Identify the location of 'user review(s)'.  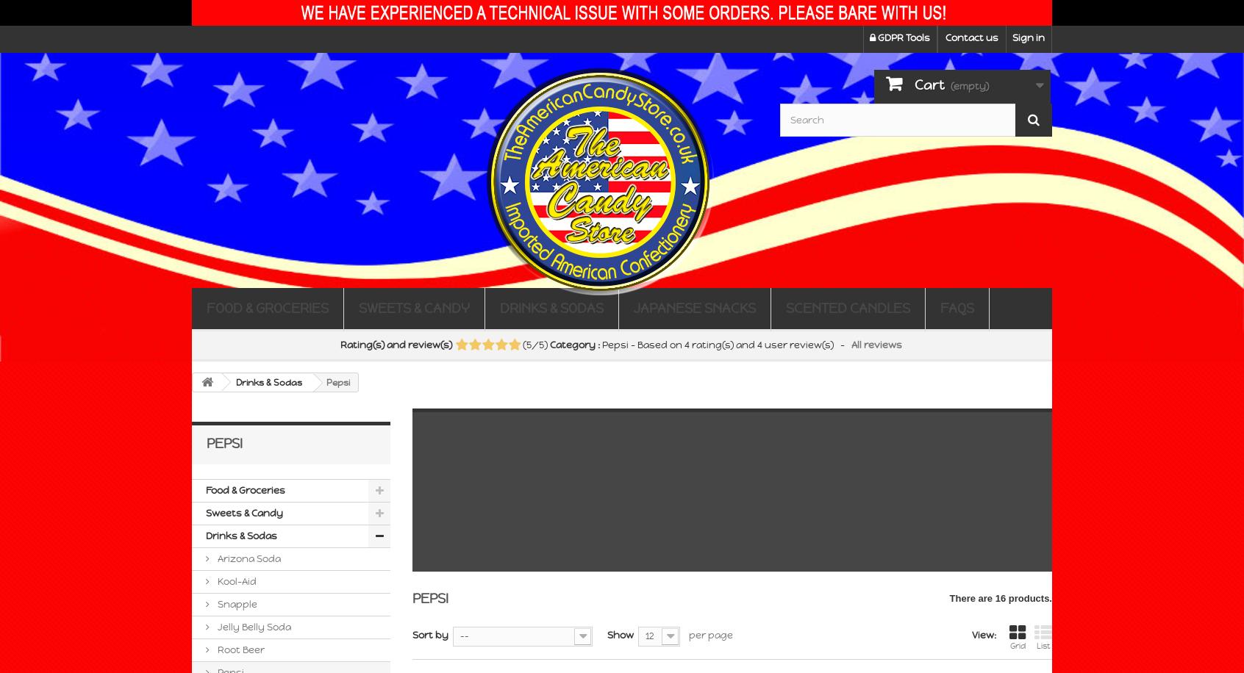
(798, 345).